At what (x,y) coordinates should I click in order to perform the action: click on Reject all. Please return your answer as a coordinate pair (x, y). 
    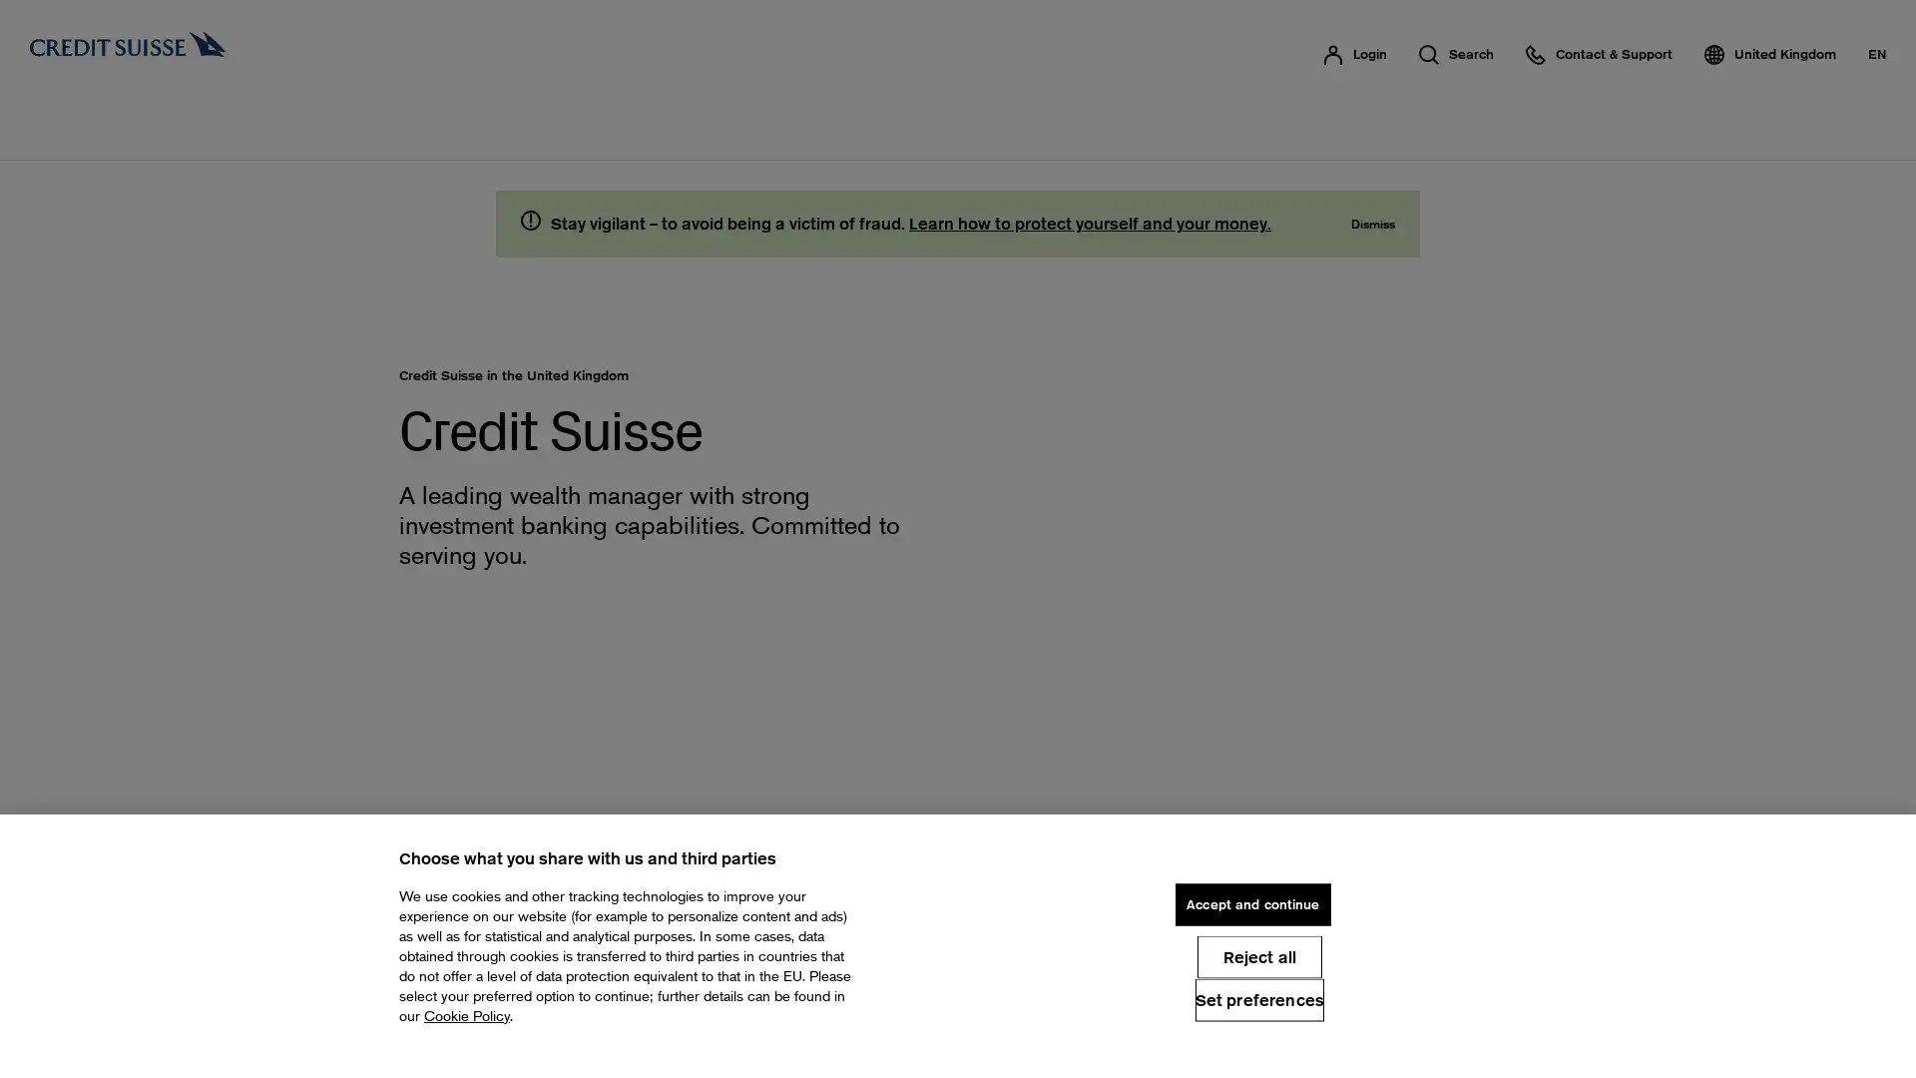
    Looking at the image, I should click on (1257, 955).